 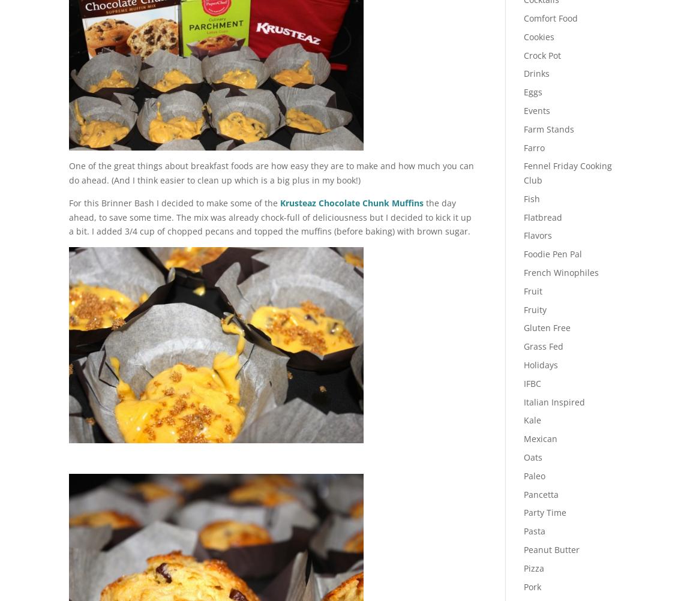 I want to click on 'Farm Stands', so click(x=548, y=128).